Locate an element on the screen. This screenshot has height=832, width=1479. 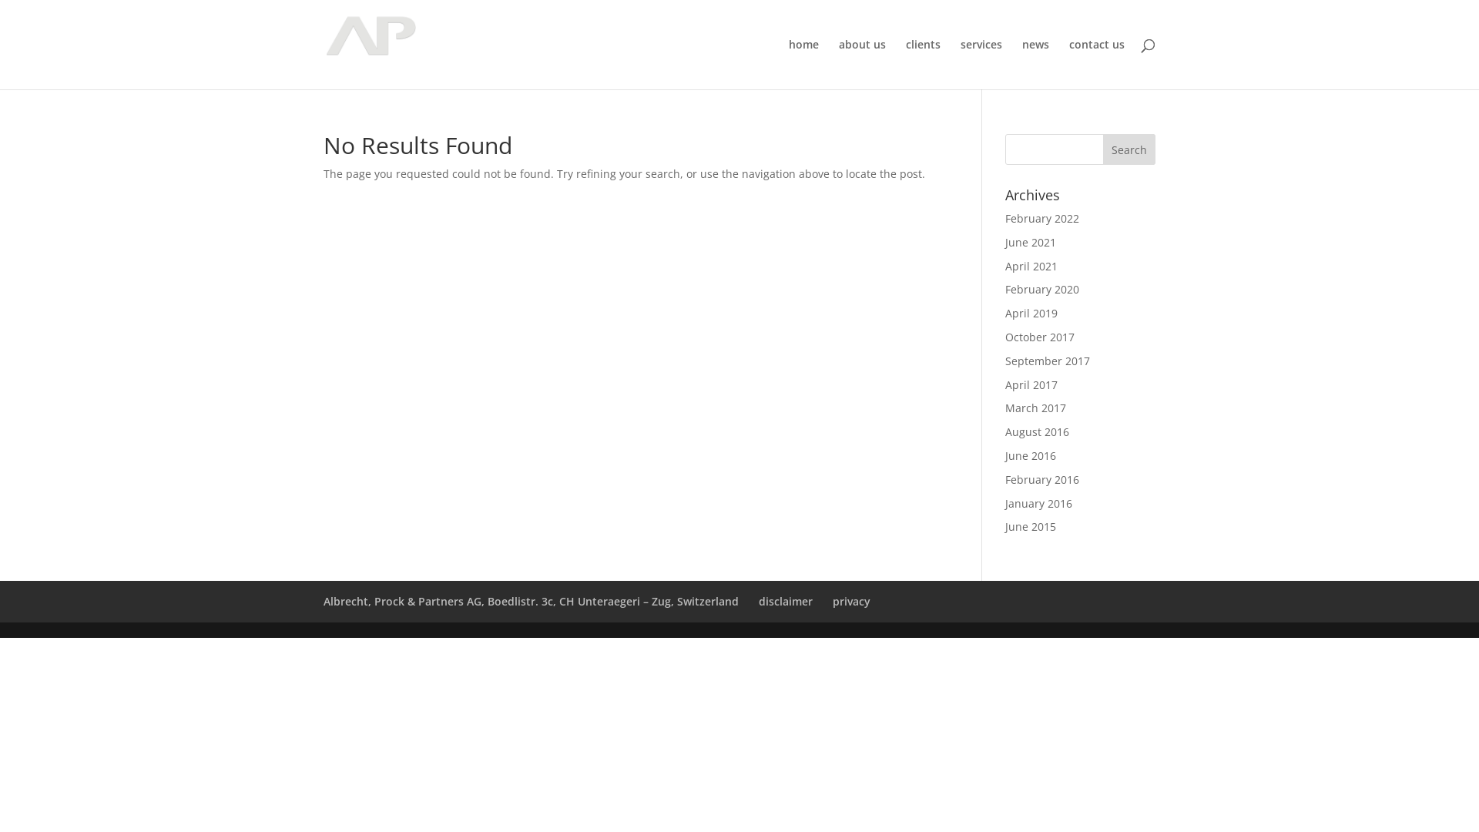
'June 2021' is located at coordinates (1031, 242).